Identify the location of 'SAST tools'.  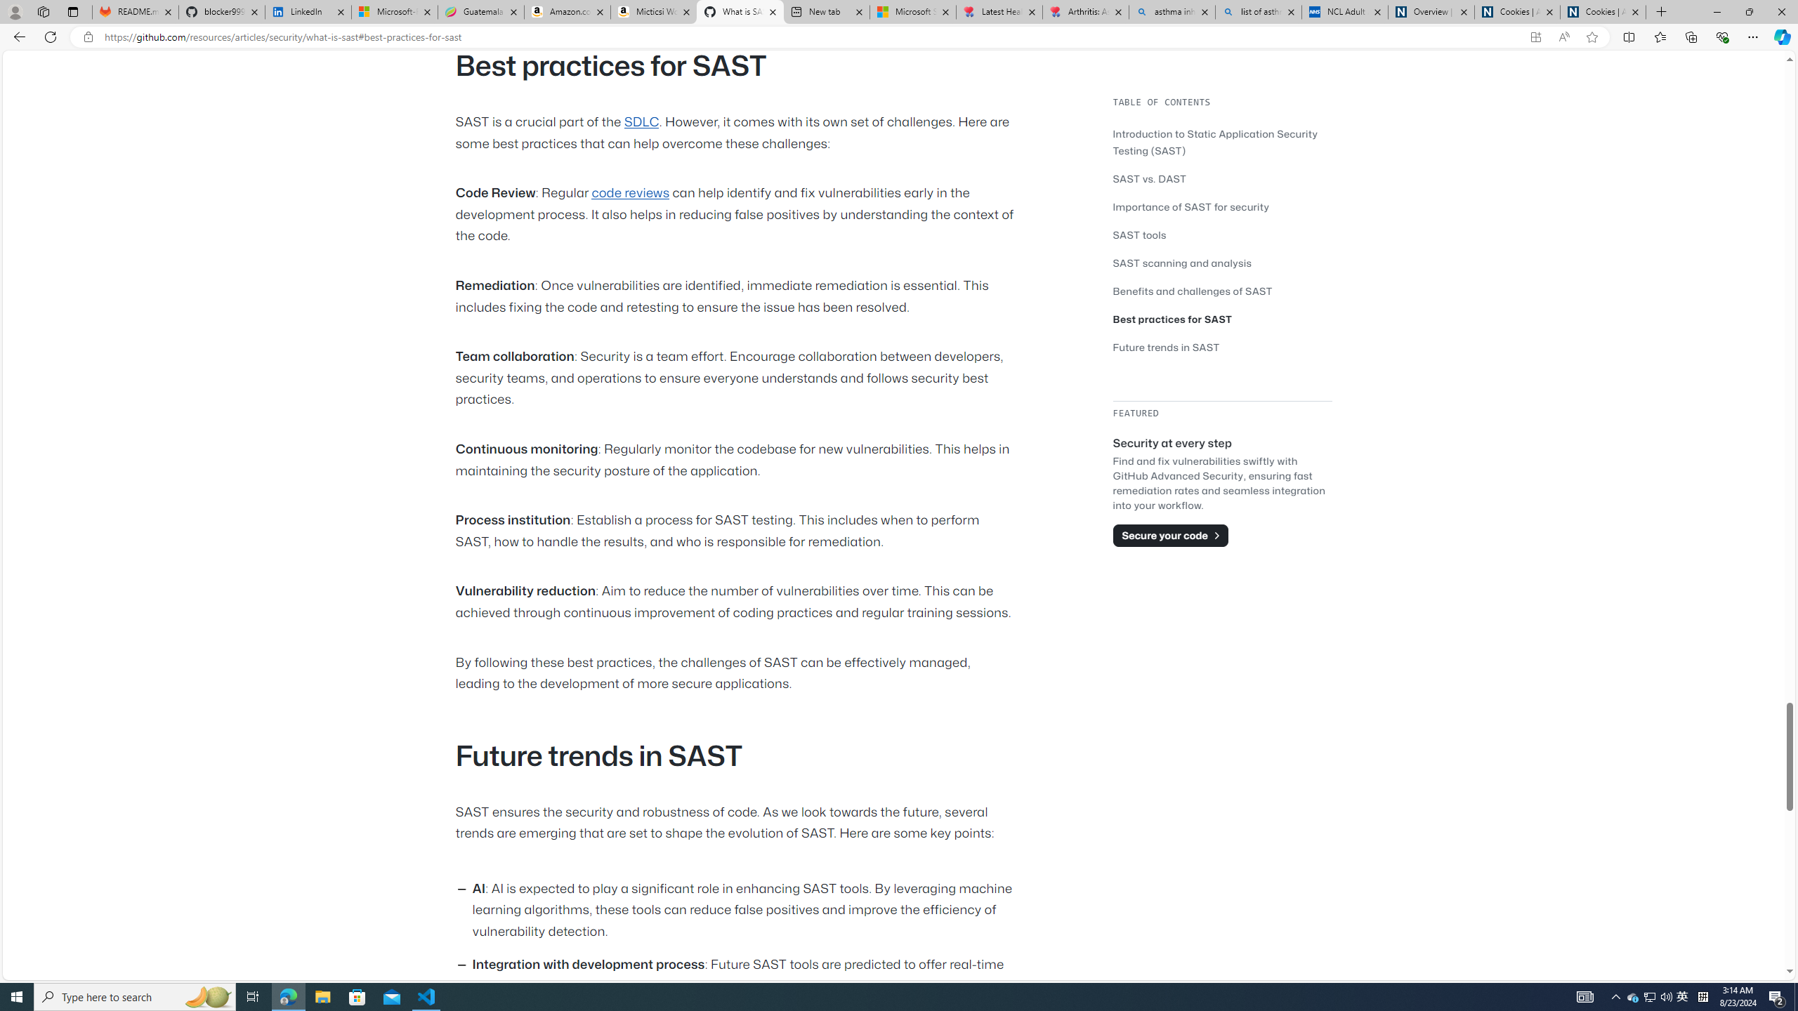
(1222, 234).